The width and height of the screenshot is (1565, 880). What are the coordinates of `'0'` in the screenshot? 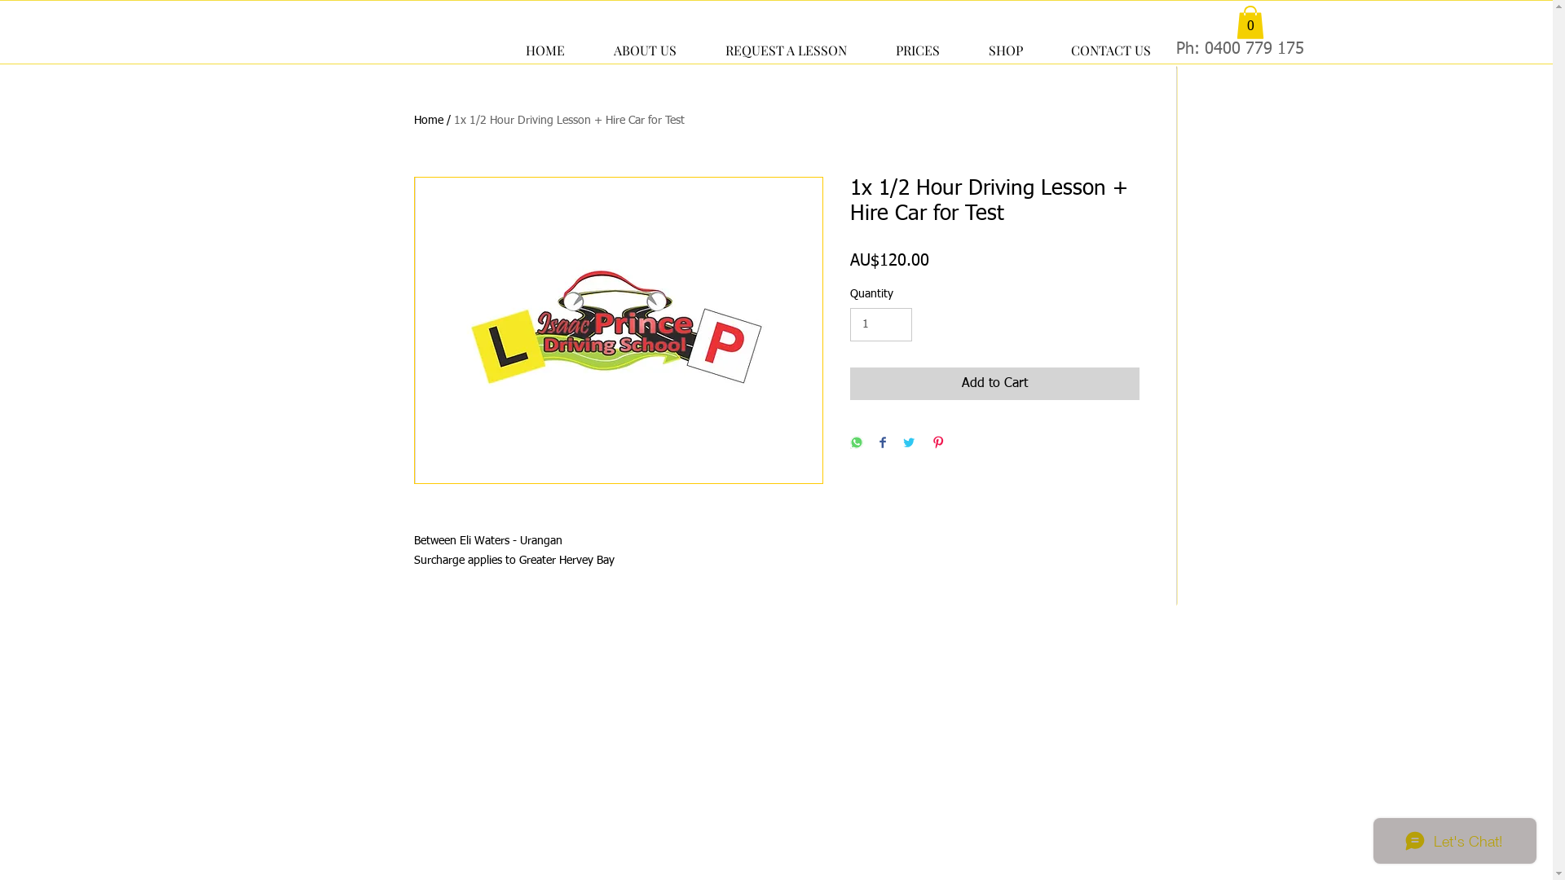 It's located at (1248, 22).